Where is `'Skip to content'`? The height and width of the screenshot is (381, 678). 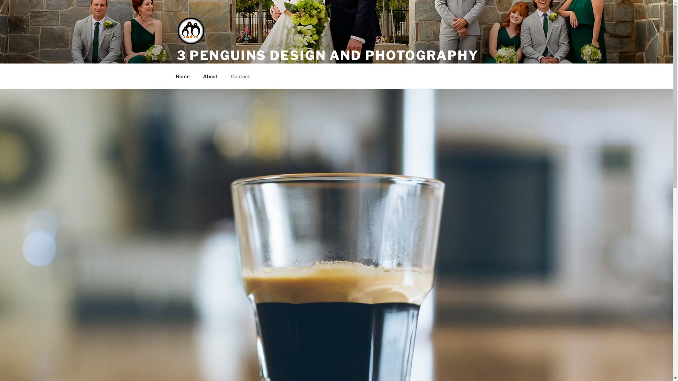 'Skip to content' is located at coordinates (0, 0).